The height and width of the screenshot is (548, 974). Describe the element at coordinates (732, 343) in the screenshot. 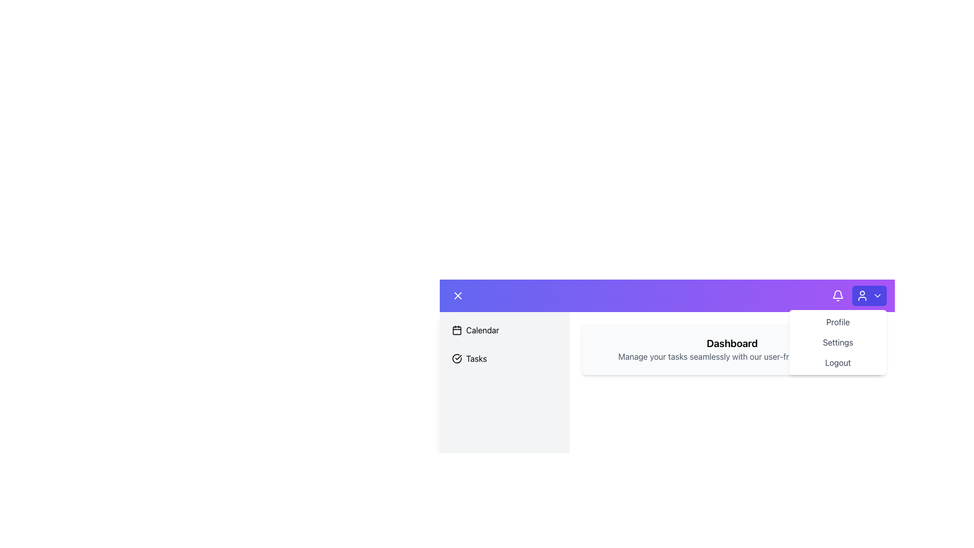

I see `the text label element which serves as a section title, positioned directly above the content that reads 'Manage your tasks seamlessly with our user-friendly platform.'` at that location.